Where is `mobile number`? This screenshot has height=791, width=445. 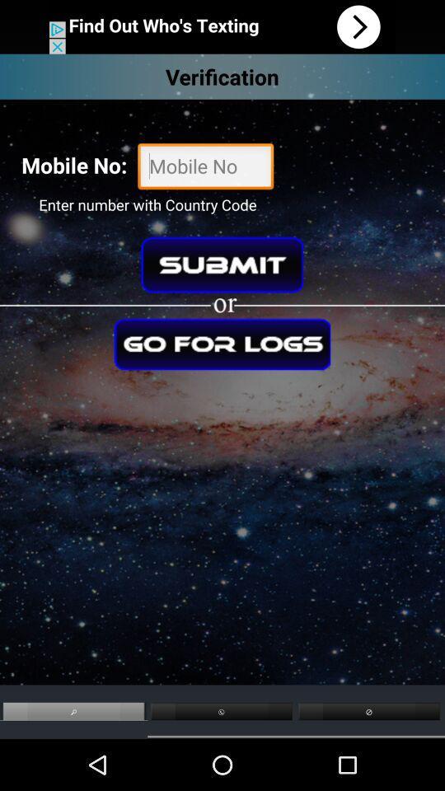
mobile number is located at coordinates (205, 168).